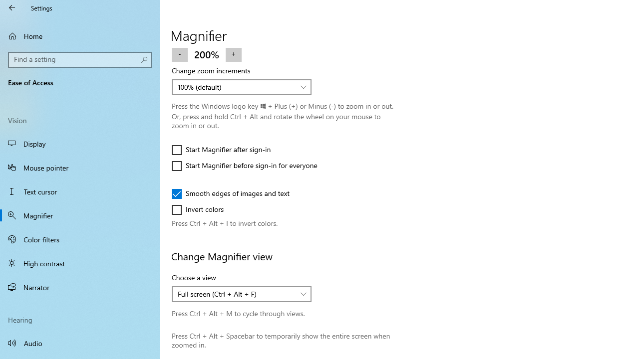 This screenshot has height=359, width=639. What do you see at coordinates (80, 191) in the screenshot?
I see `'Text cursor'` at bounding box center [80, 191].